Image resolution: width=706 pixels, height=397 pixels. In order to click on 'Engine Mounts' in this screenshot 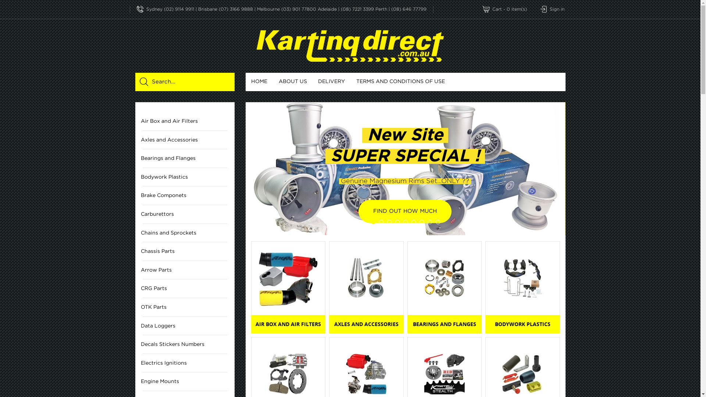, I will do `click(185, 381)`.